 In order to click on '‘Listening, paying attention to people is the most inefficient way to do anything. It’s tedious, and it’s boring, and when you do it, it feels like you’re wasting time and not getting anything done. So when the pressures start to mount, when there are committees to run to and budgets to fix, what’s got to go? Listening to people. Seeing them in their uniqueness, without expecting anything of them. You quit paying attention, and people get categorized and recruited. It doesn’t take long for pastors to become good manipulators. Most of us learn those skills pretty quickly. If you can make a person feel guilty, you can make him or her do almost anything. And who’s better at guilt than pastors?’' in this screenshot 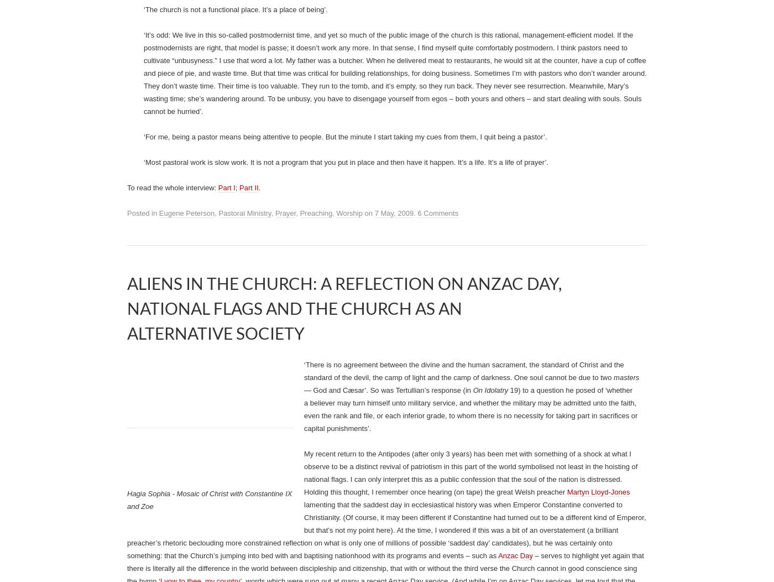, I will do `click(394, 306)`.